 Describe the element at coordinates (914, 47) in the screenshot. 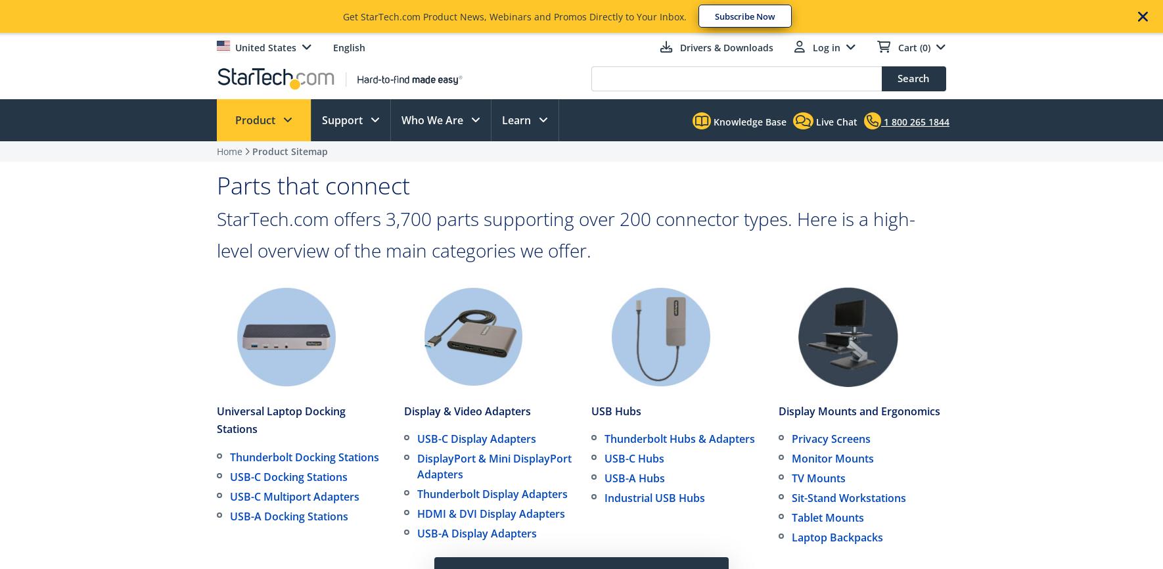

I see `'Cart (0)'` at that location.